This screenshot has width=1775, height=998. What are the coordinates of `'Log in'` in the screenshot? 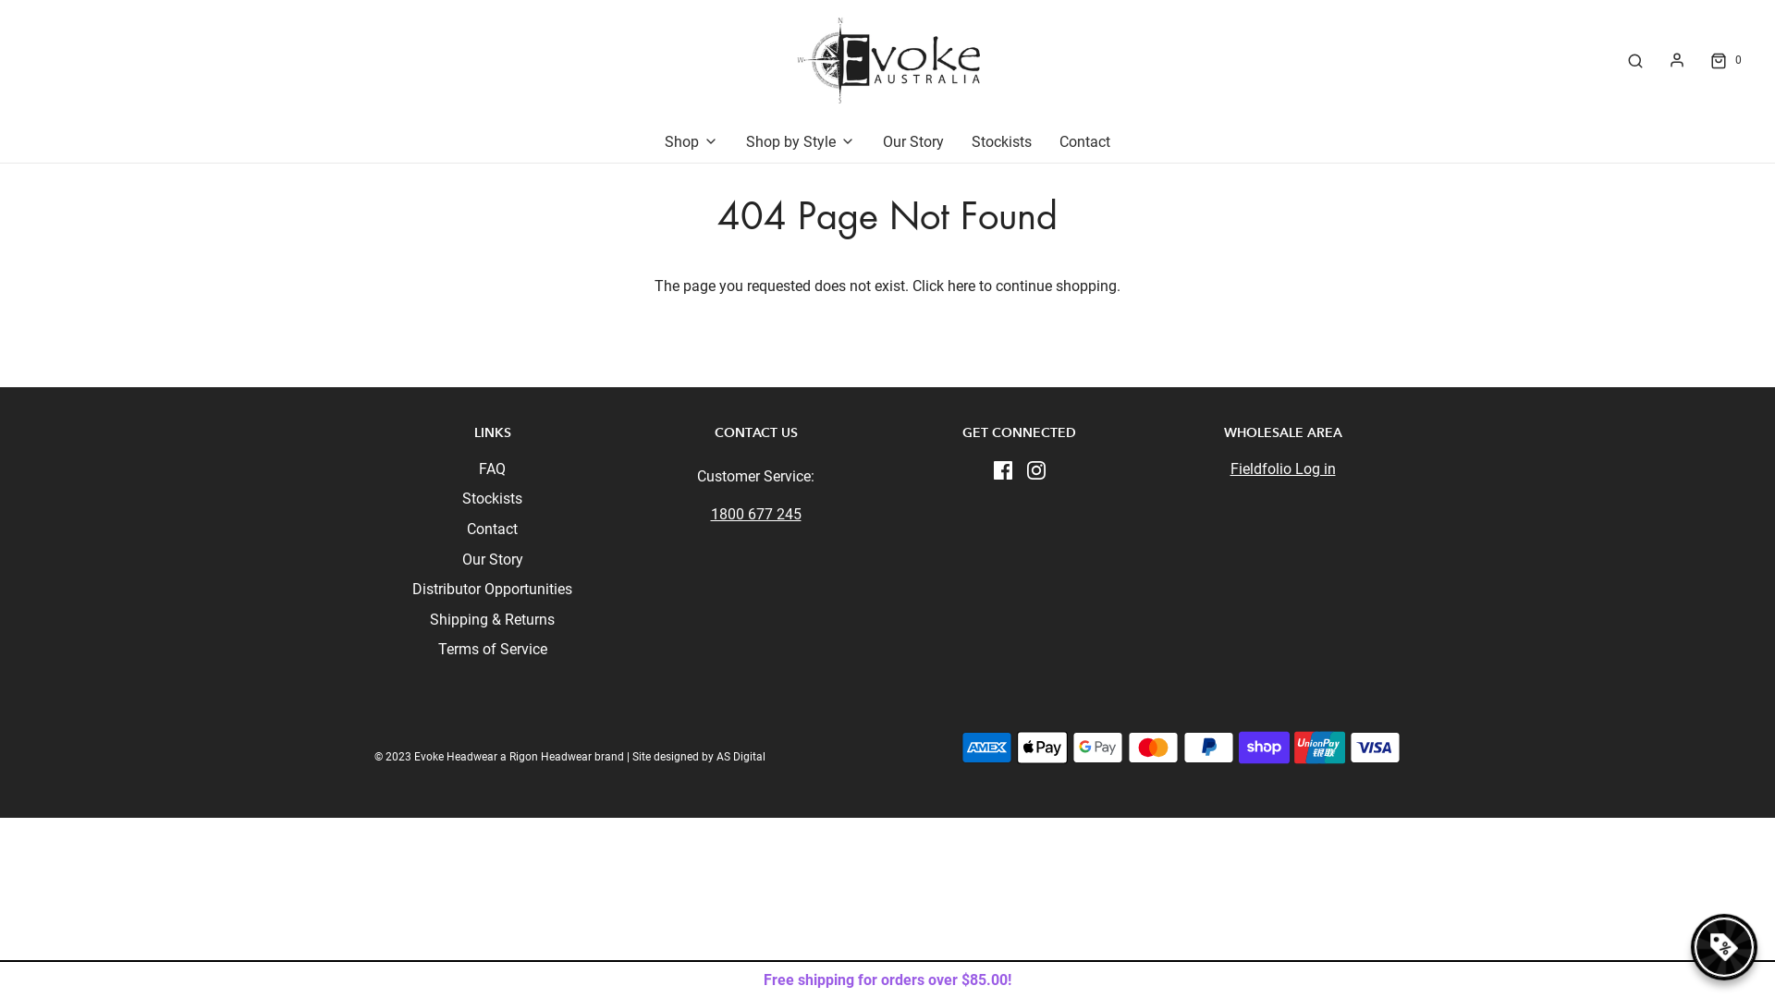 It's located at (1677, 59).